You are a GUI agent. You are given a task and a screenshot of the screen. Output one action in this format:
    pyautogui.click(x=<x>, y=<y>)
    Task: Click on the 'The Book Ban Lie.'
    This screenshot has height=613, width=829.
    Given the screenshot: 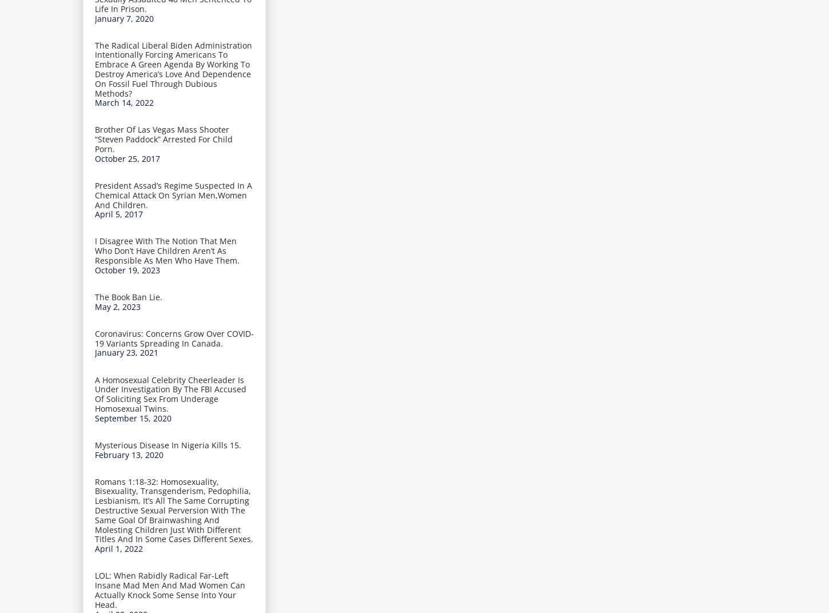 What is the action you would take?
    pyautogui.click(x=128, y=296)
    